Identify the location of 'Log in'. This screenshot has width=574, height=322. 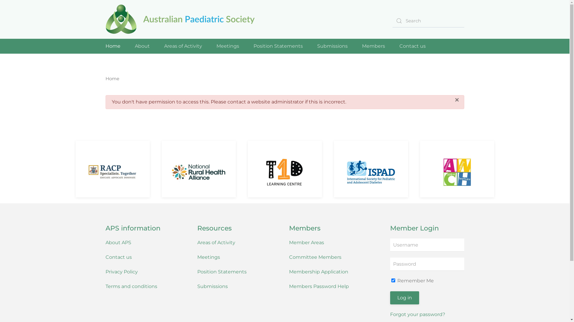
(404, 298).